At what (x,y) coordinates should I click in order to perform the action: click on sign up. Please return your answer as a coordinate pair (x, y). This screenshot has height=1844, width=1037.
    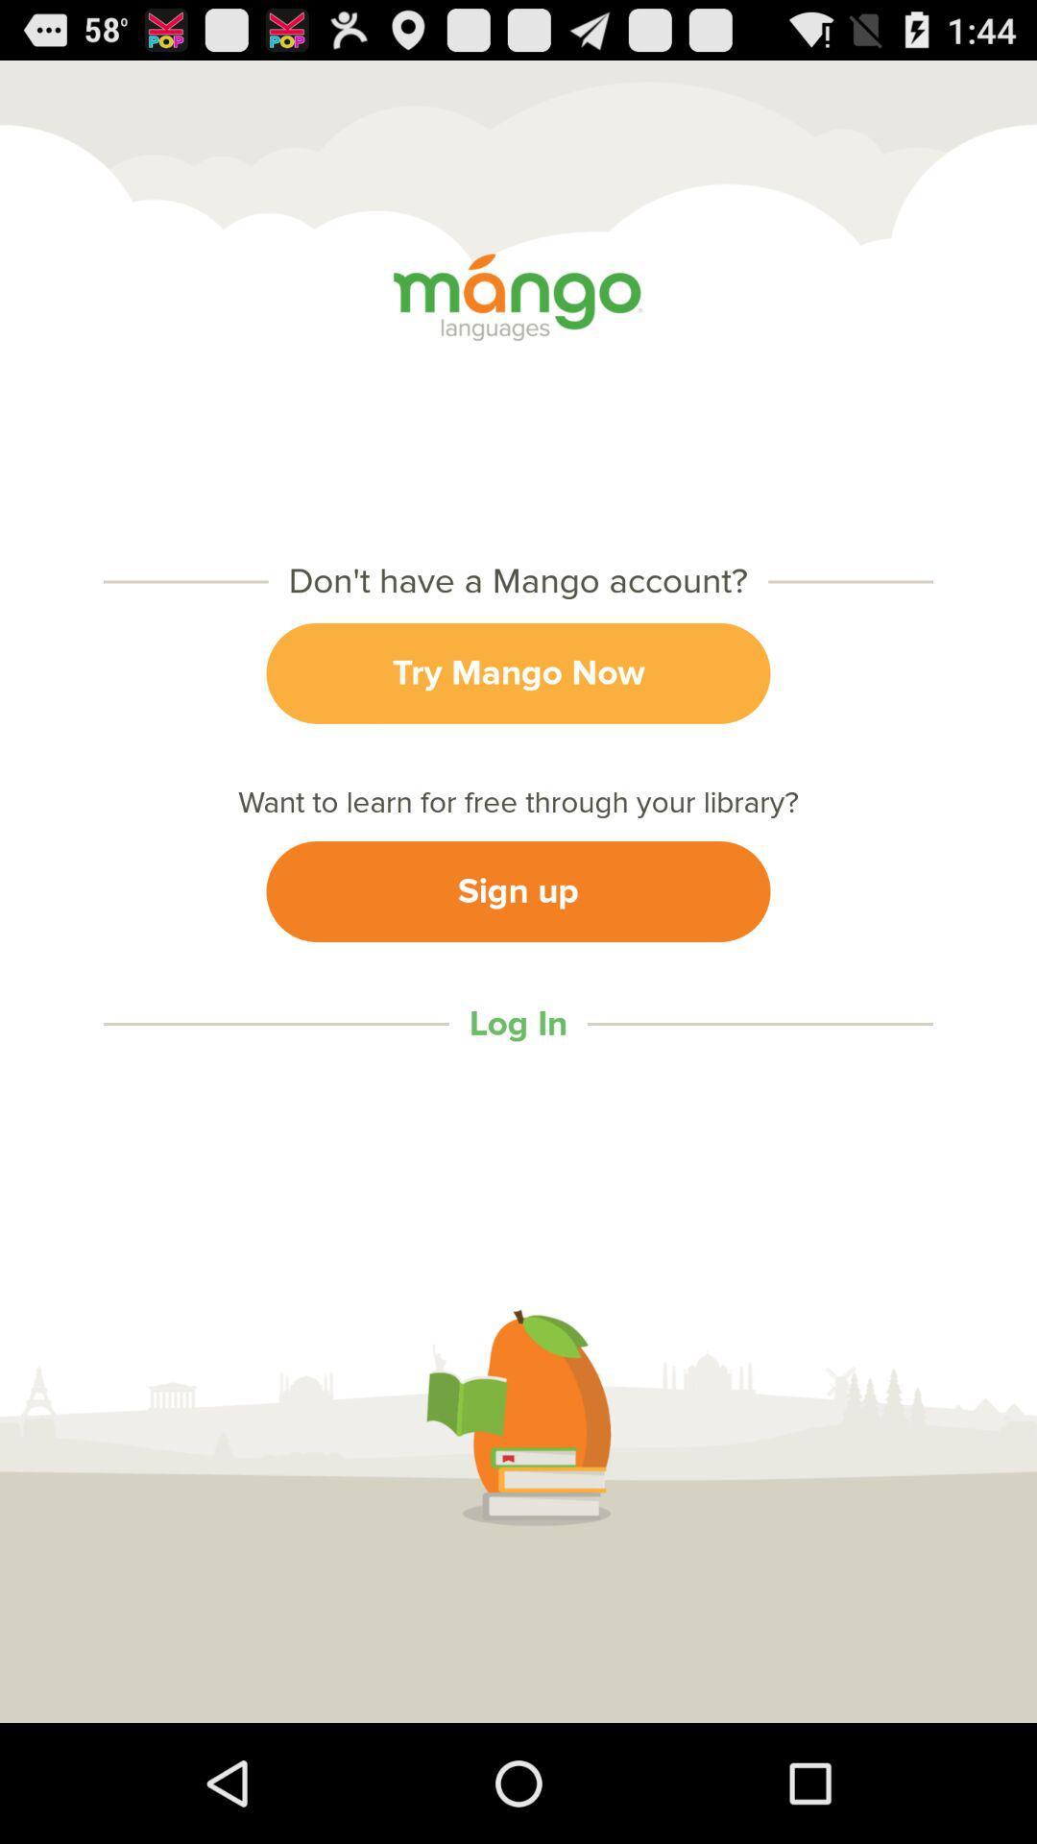
    Looking at the image, I should click on (518, 890).